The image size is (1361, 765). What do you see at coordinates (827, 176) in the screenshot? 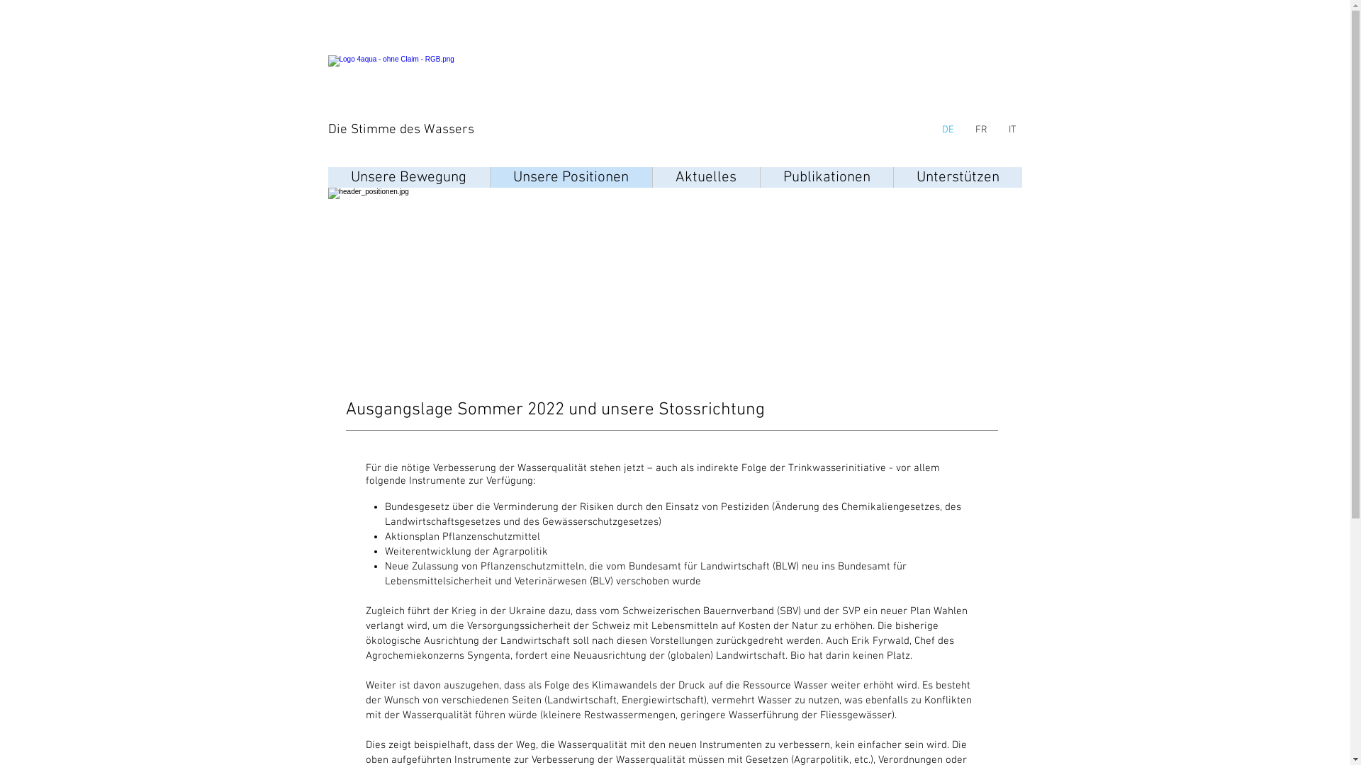
I see `'Publikationen'` at bounding box center [827, 176].